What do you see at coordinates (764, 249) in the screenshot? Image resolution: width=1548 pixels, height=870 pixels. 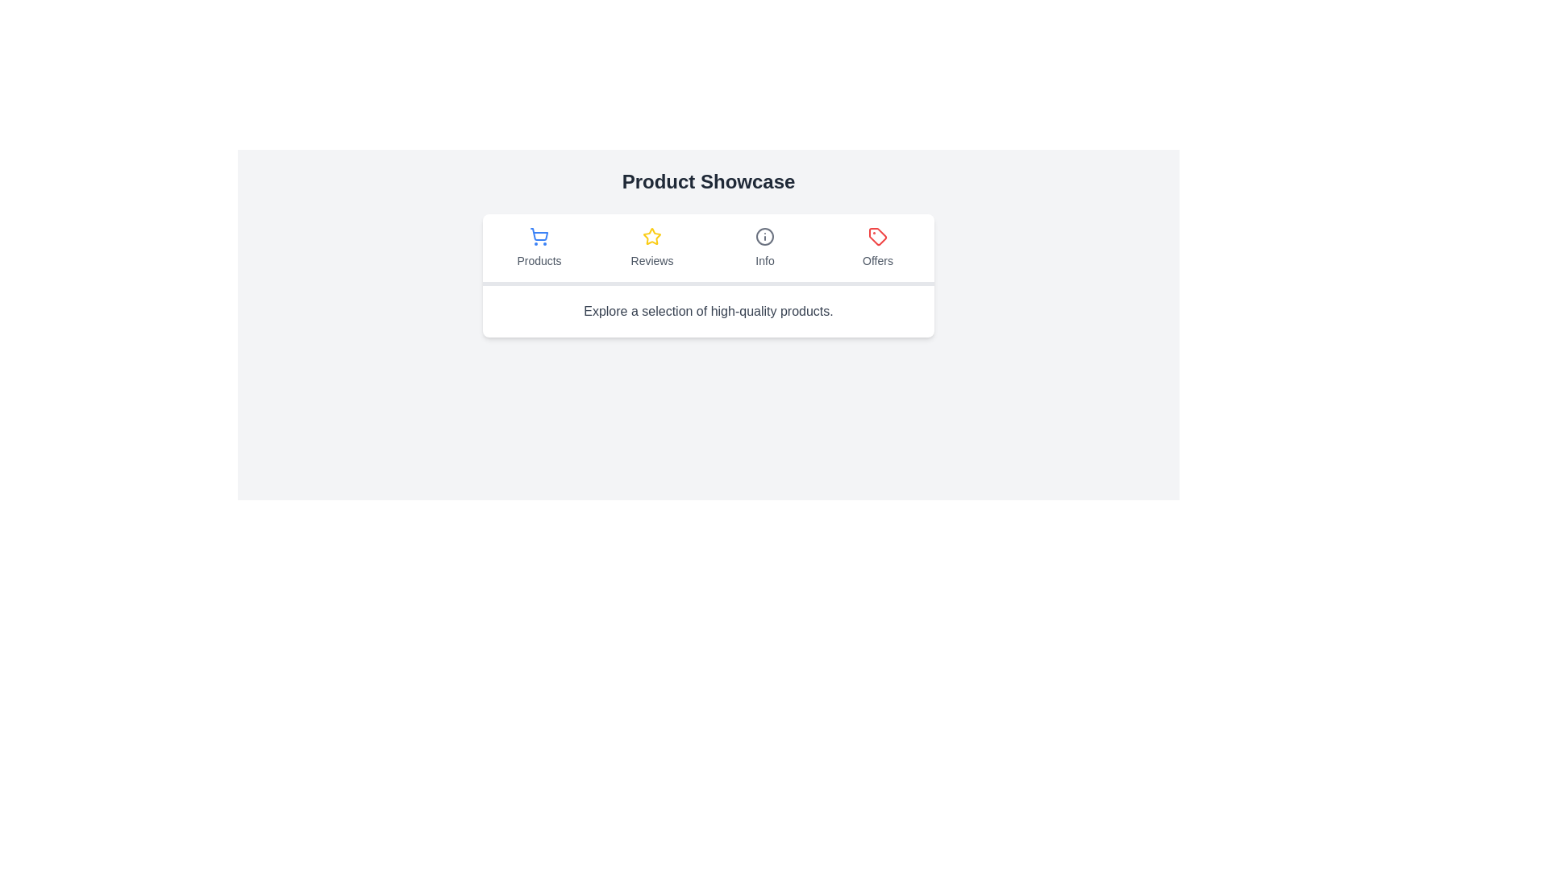 I see `the 'Info' button with an informational icon in the navigation bar, which is located between 'Reviews' and 'Offers'` at bounding box center [764, 249].